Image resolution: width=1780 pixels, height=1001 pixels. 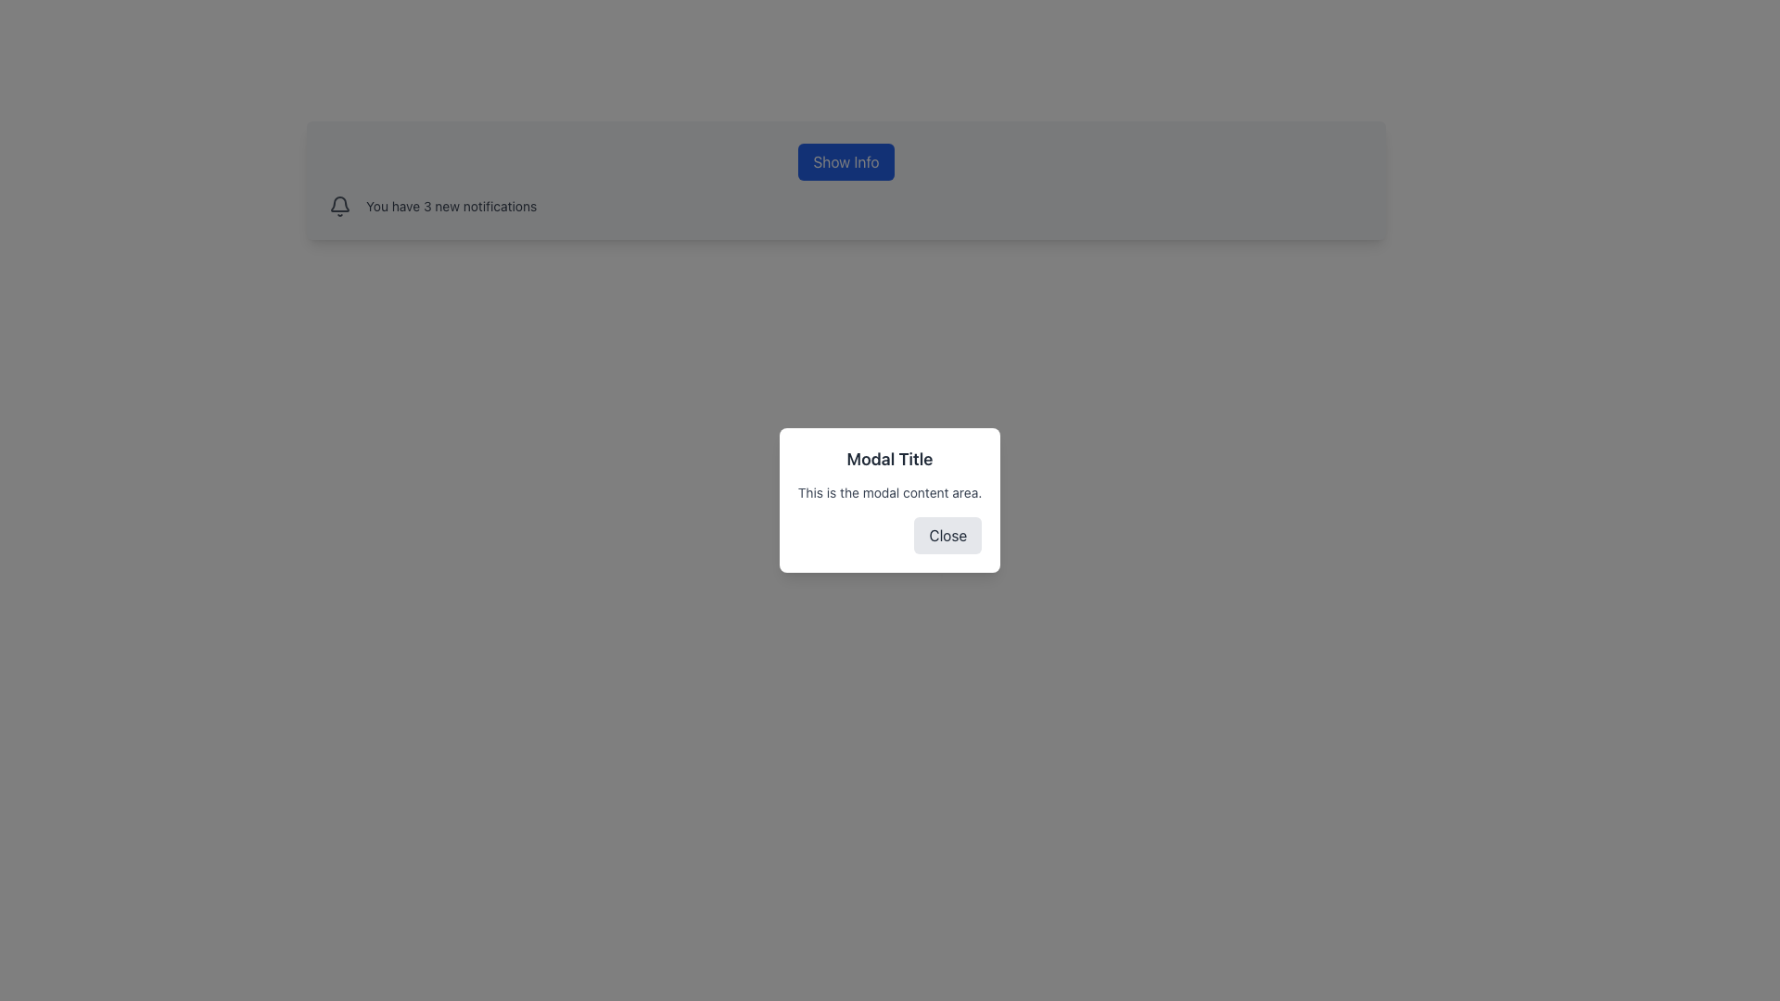 What do you see at coordinates (451, 207) in the screenshot?
I see `the notification message that reads 'You have 3 new notifications', styled with a small font size and gray text color, located to the right of the bell icon` at bounding box center [451, 207].